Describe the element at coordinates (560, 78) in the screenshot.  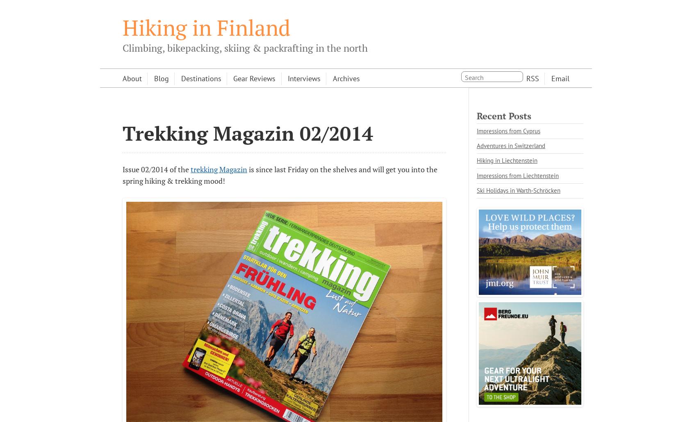
I see `'Email'` at that location.